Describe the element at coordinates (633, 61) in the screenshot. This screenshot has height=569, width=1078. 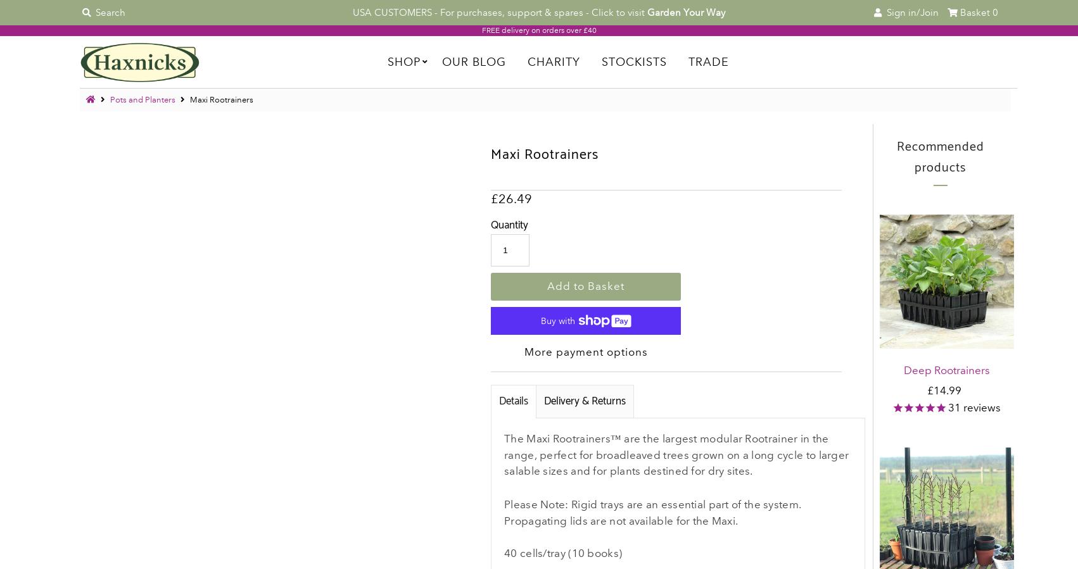
I see `'STOCKISTS'` at that location.